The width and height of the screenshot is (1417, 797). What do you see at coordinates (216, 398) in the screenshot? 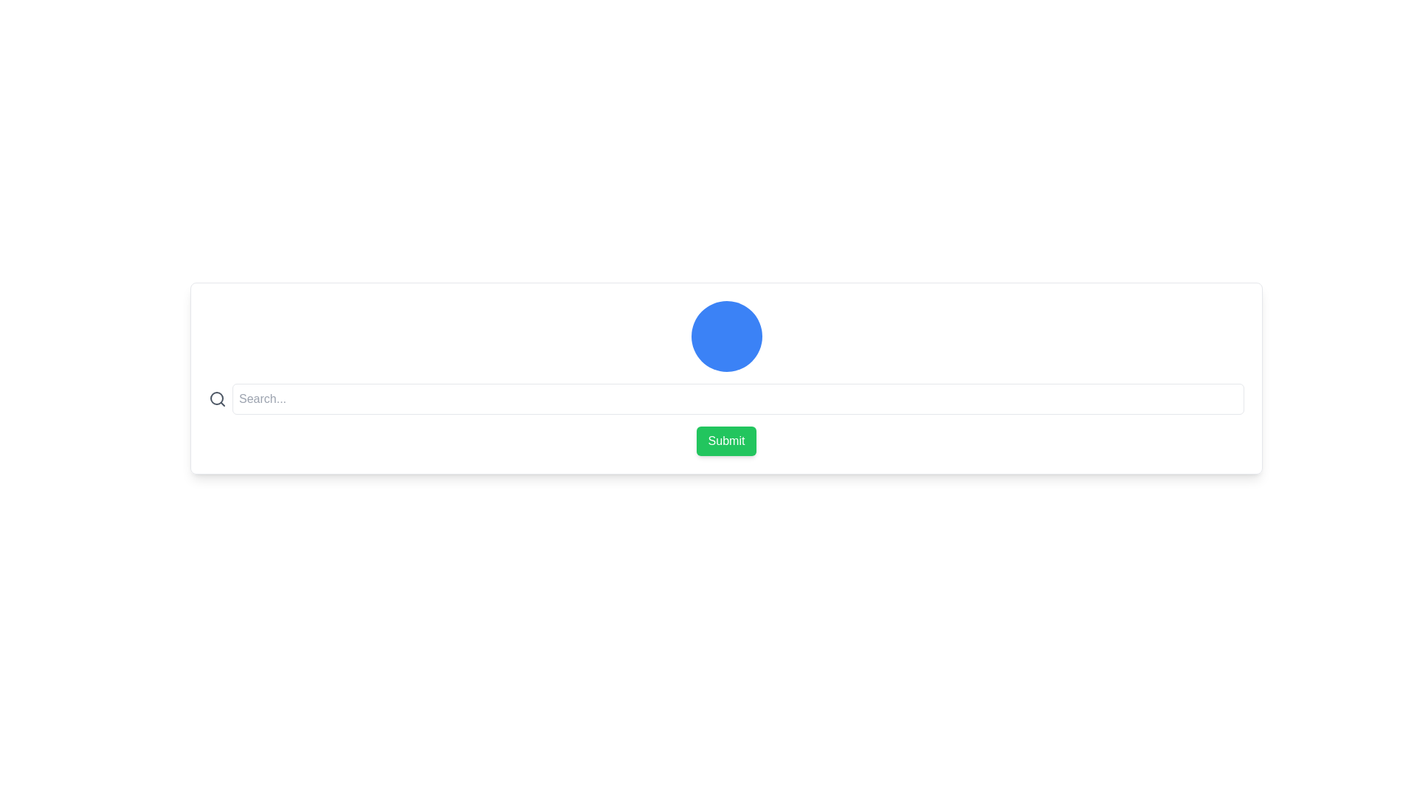
I see `the circular SVG element that is part of the search icon, which has no fill and an 8-unit radius, positioned centrally within the magnifying glass depiction` at bounding box center [216, 398].